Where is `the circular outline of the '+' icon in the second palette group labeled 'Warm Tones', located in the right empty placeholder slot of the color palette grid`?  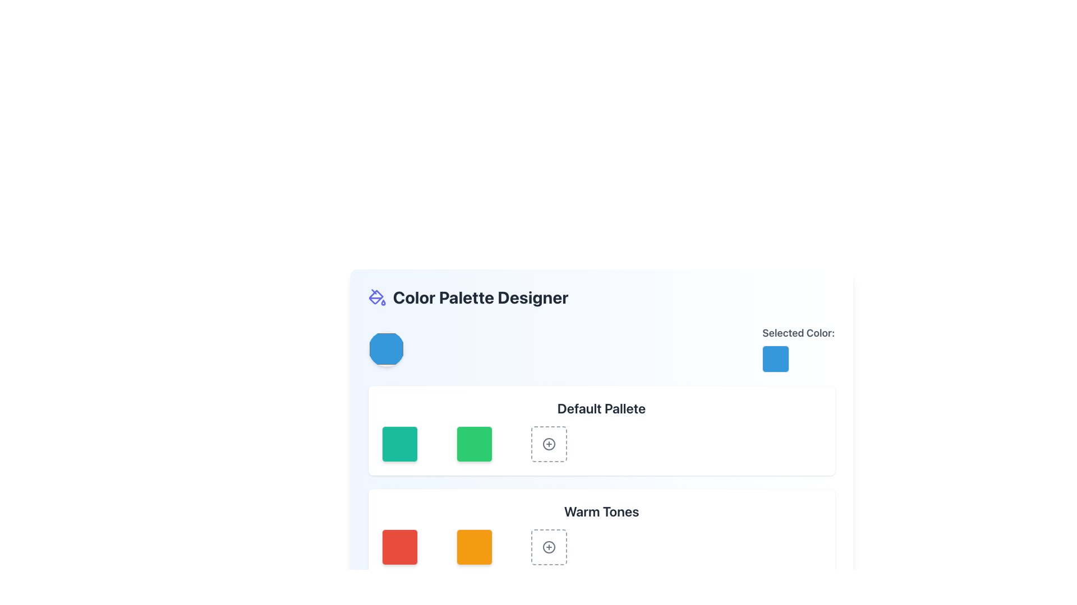
the circular outline of the '+' icon in the second palette group labeled 'Warm Tones', located in the right empty placeholder slot of the color palette grid is located at coordinates (549, 546).